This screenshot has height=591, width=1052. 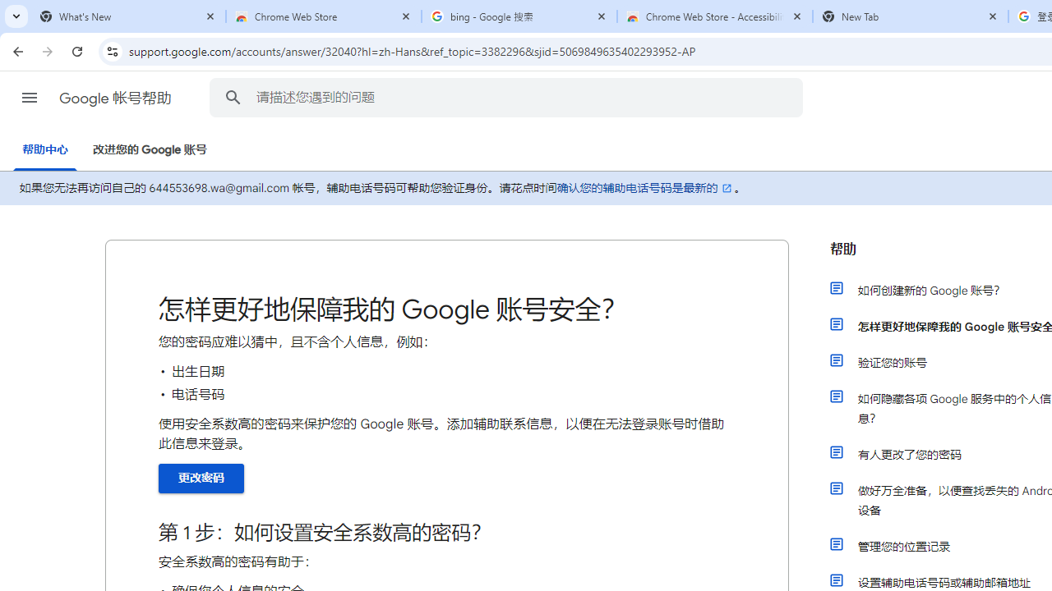 I want to click on 'What', so click(x=127, y=16).